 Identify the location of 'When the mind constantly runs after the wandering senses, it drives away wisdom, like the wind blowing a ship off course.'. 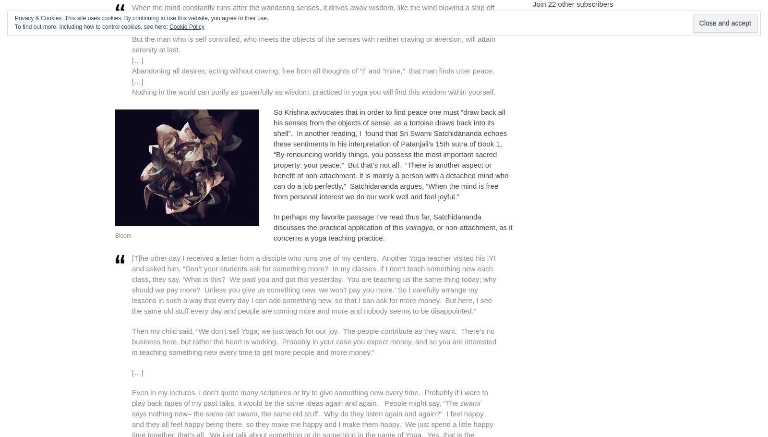
(313, 12).